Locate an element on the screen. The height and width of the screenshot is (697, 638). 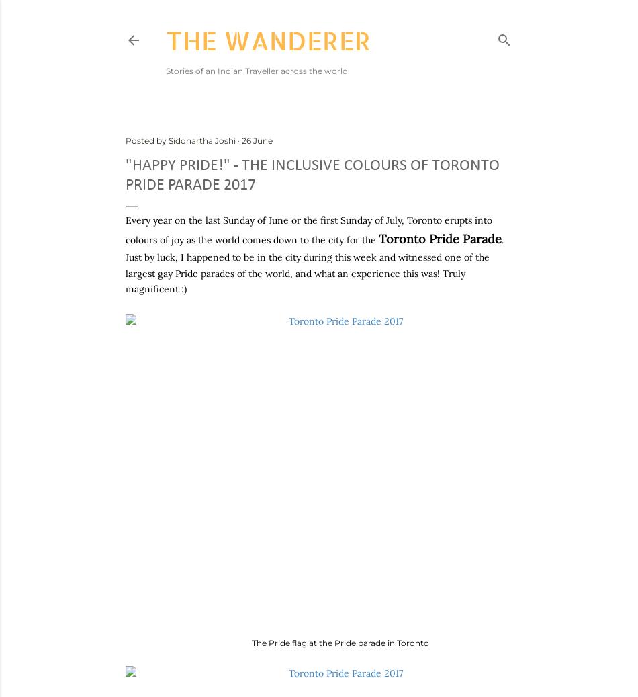
'The Pride flag at the Pride parade in Toronto' is located at coordinates (340, 642).